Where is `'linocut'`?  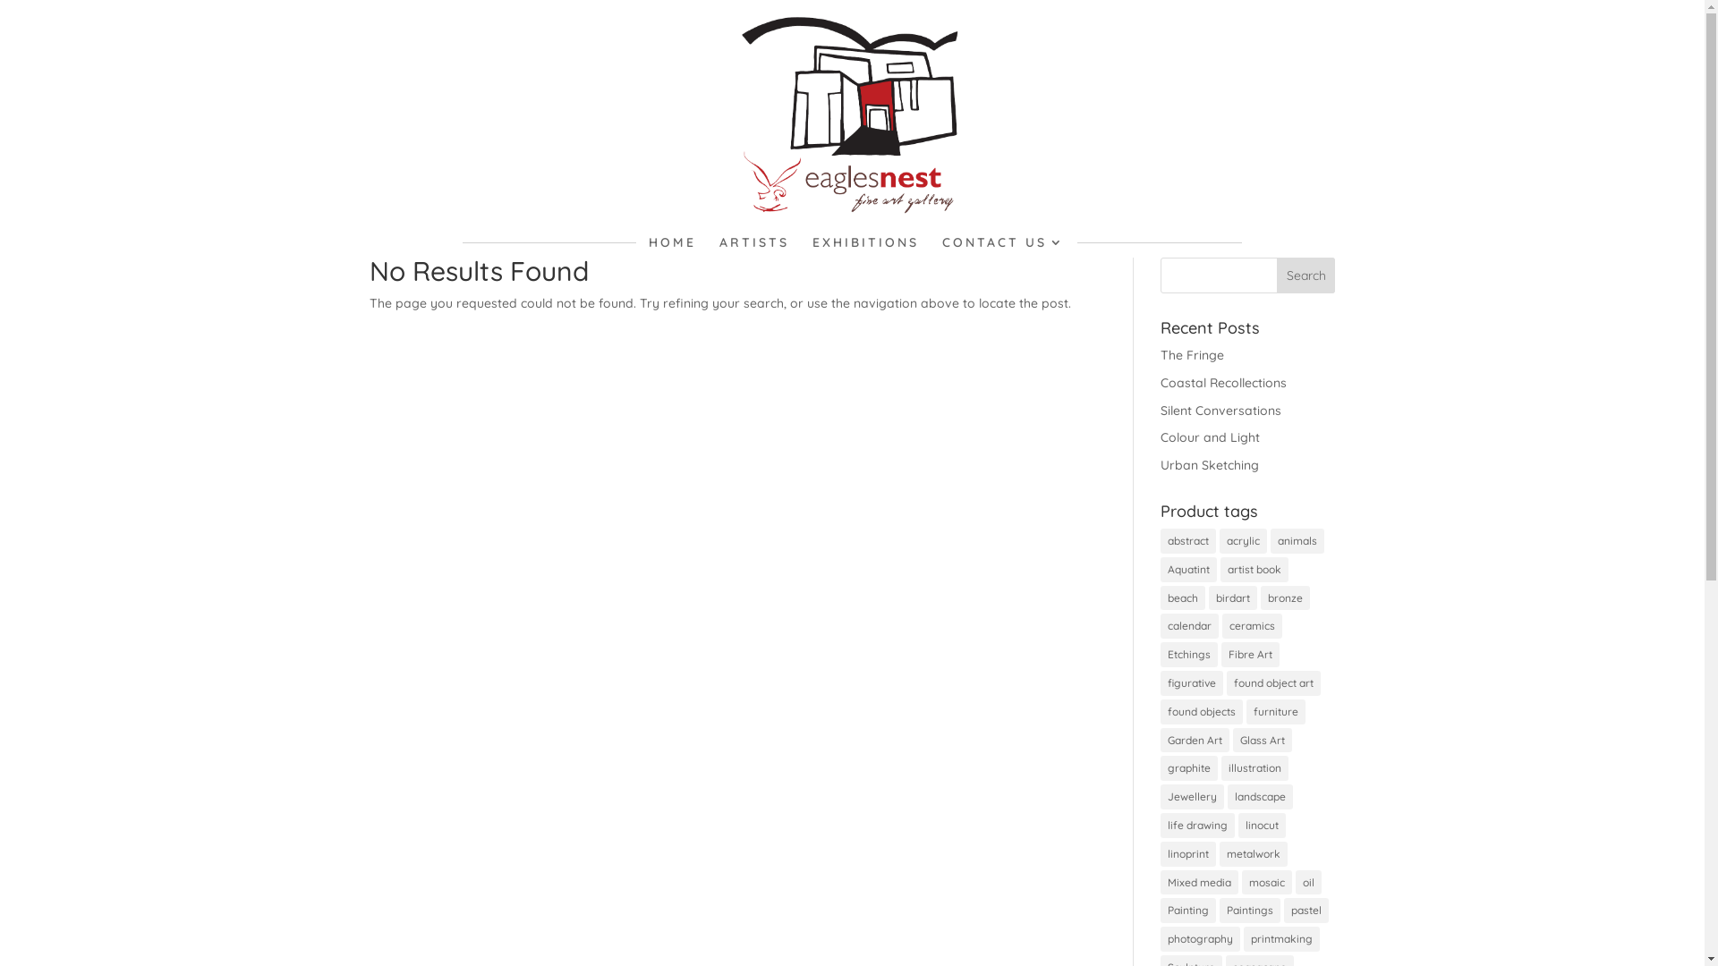
'linocut' is located at coordinates (1237, 825).